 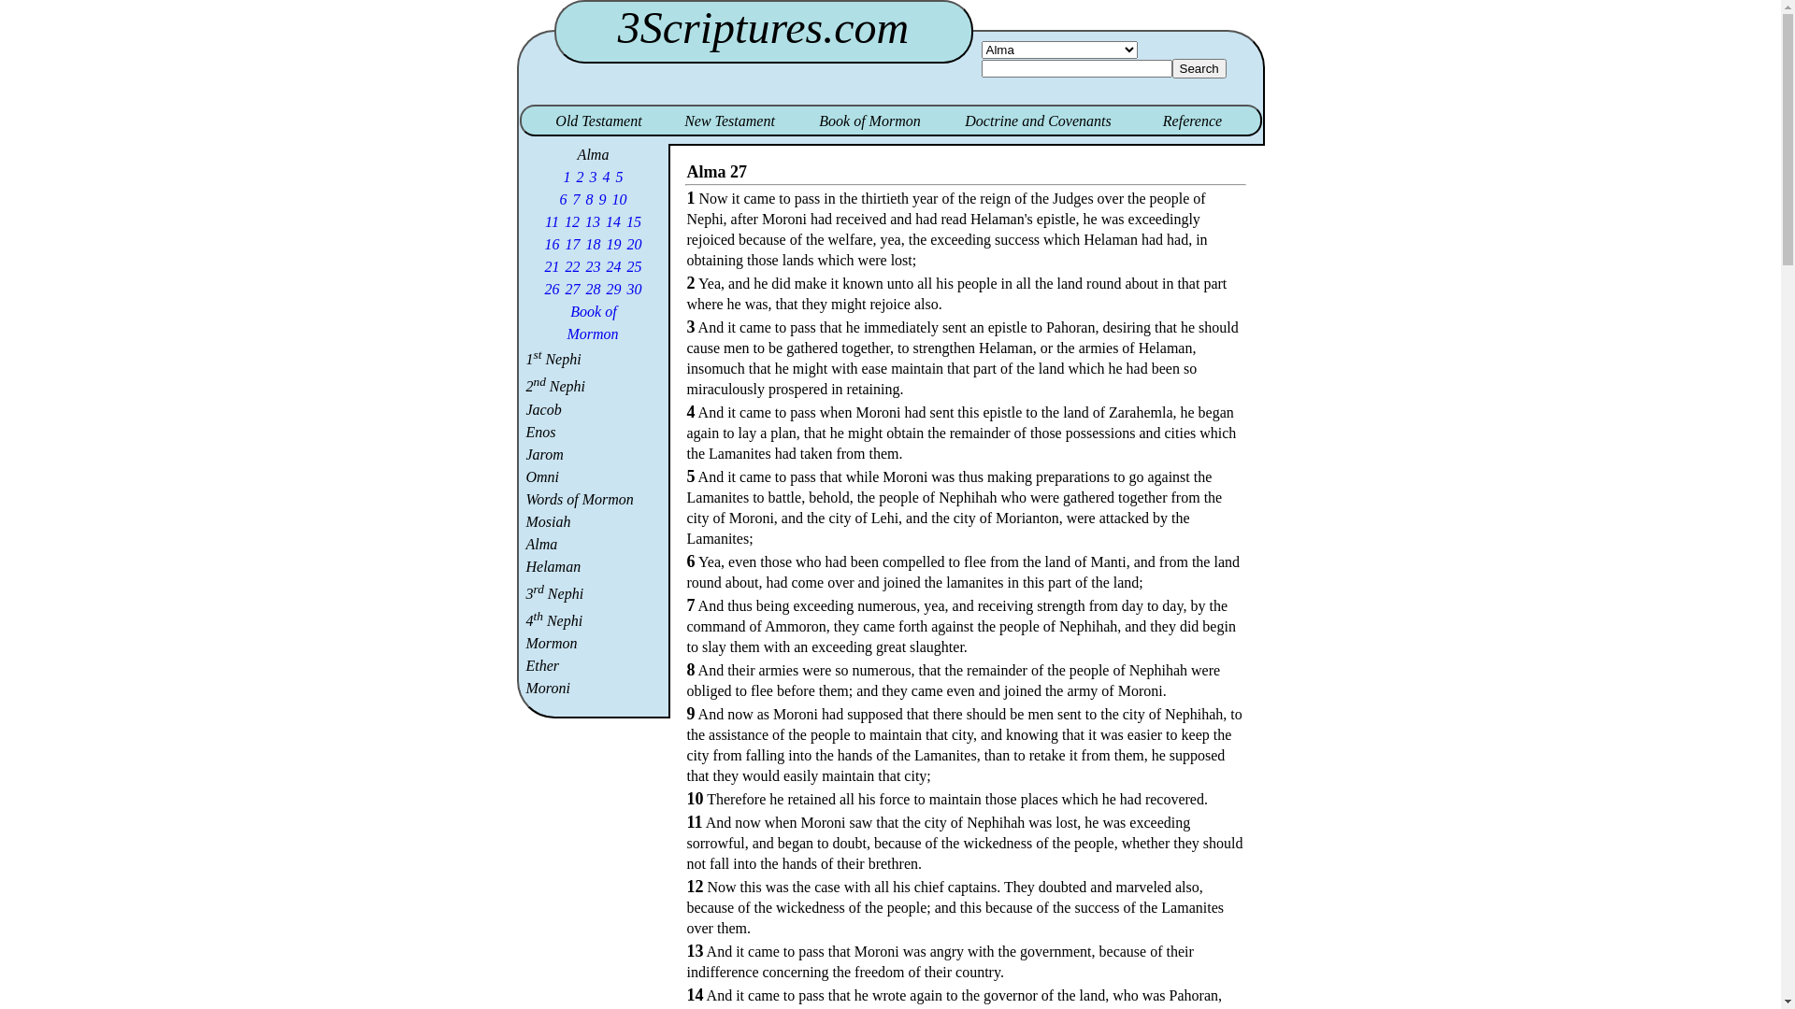 What do you see at coordinates (634, 243) in the screenshot?
I see `'20'` at bounding box center [634, 243].